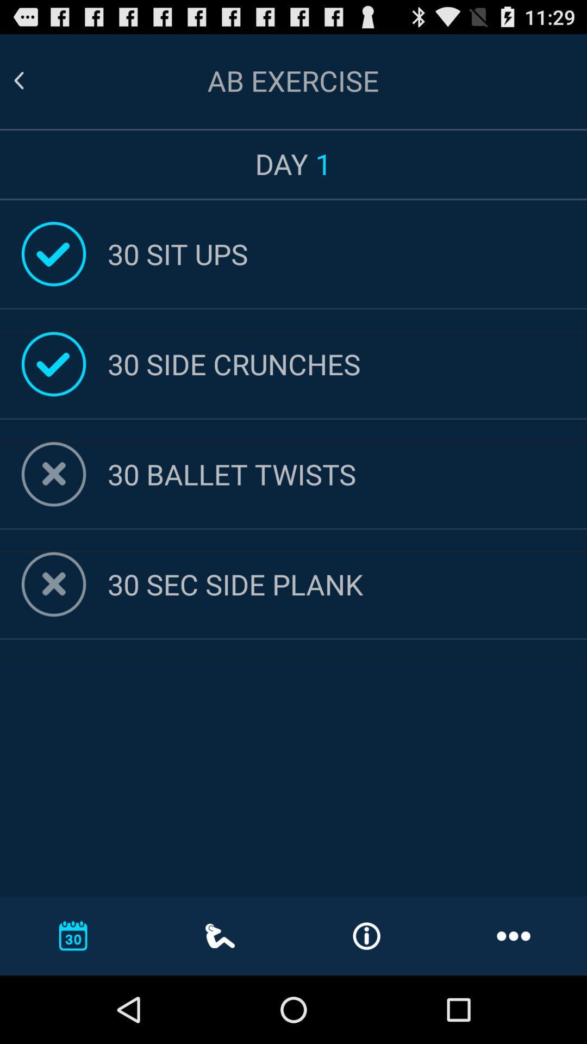  Describe the element at coordinates (367, 936) in the screenshot. I see `more info icon at the bottom of the web page` at that location.